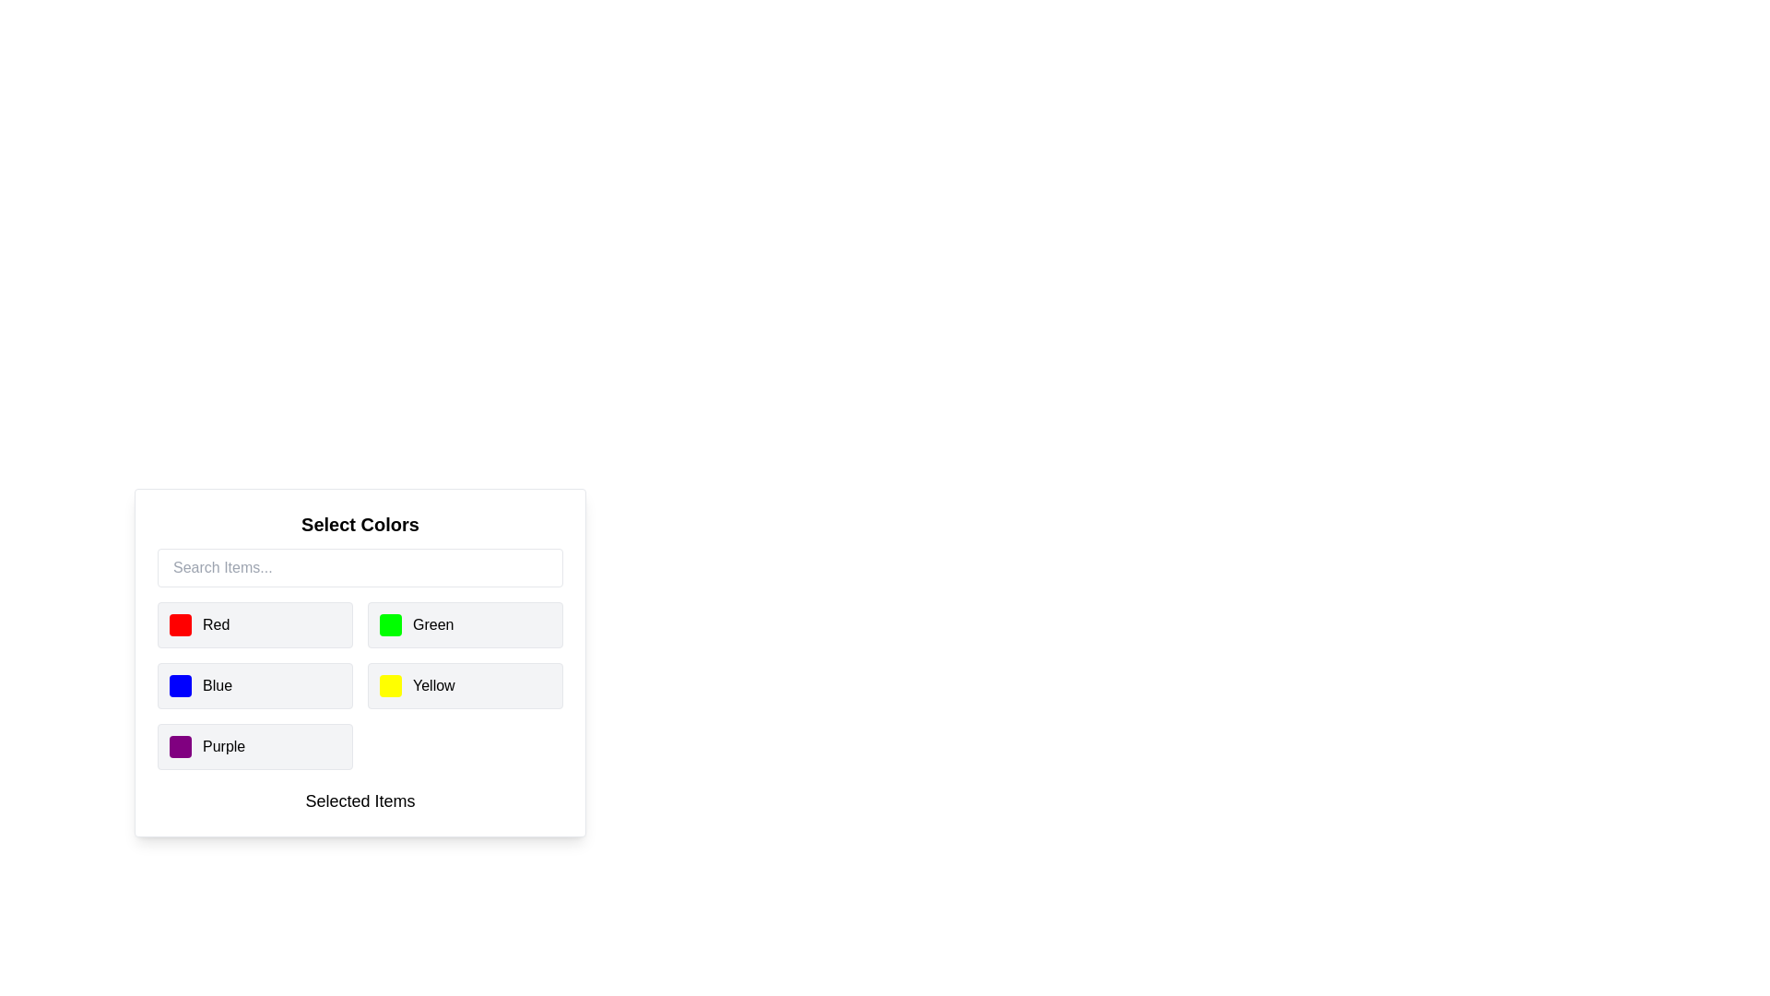 This screenshot has height=996, width=1770. What do you see at coordinates (389, 686) in the screenshot?
I see `the color option associated with the bright yellow color swatch located to the left of the text 'Yellow' in the 'Select Colors' panel by clicking on it` at bounding box center [389, 686].